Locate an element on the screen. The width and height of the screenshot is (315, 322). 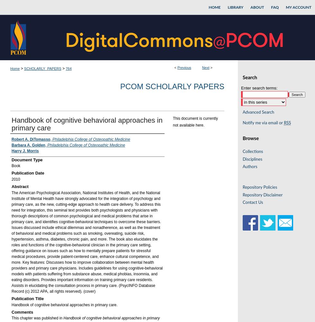
'This document is currently not available here.' is located at coordinates (173, 122).